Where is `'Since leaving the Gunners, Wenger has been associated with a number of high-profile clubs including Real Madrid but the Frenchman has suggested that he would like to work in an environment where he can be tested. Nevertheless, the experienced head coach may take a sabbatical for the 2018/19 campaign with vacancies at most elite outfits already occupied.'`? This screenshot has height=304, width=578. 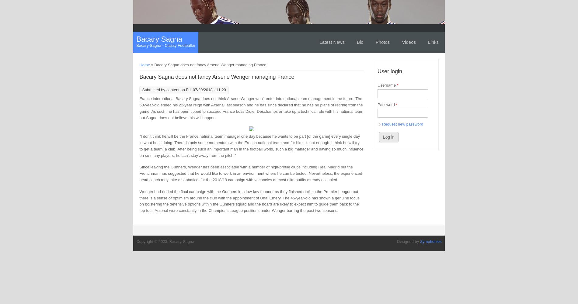
'Since leaving the Gunners, Wenger has been associated with a number of high-profile clubs including Real Madrid but the Frenchman has suggested that he would like to work in an environment where he can be tested. Nevertheless, the experienced head coach may take a sabbatical for the 2018/19 campaign with vacancies at most elite outfits already occupied.' is located at coordinates (250, 173).